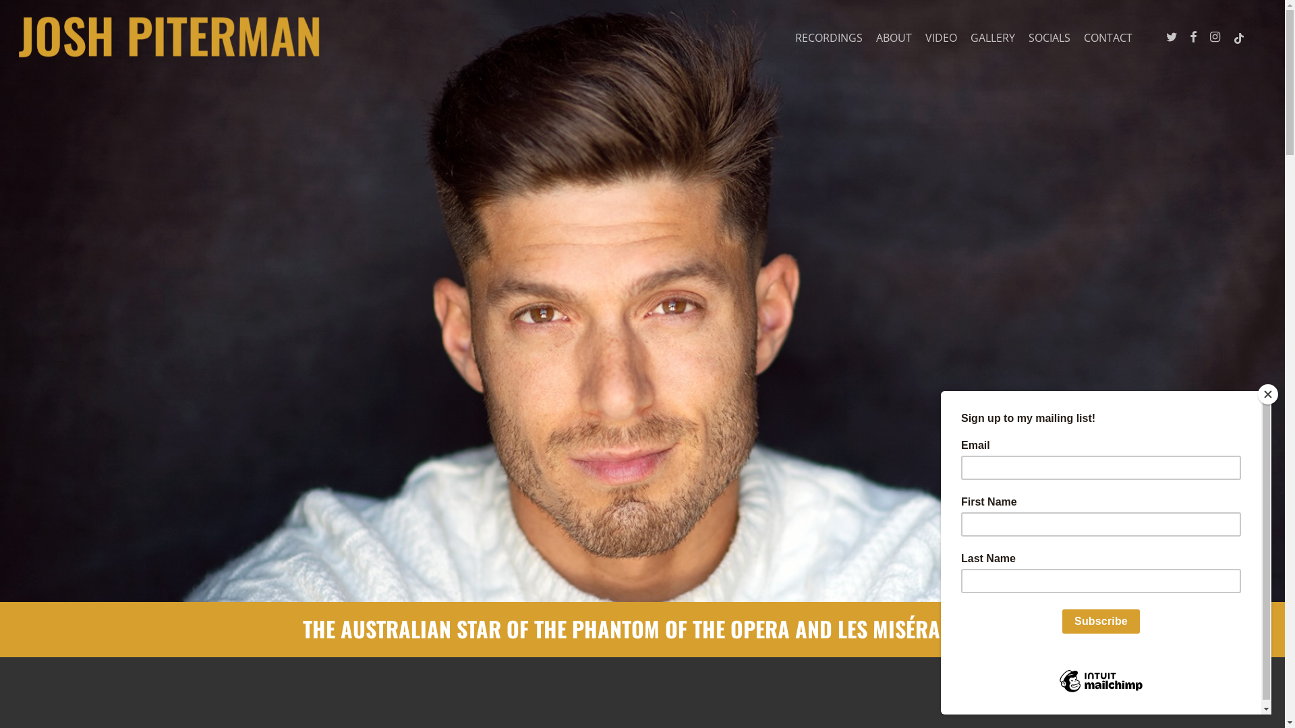 This screenshot has width=1295, height=728. Describe the element at coordinates (869, 37) in the screenshot. I see `'ABOUT'` at that location.